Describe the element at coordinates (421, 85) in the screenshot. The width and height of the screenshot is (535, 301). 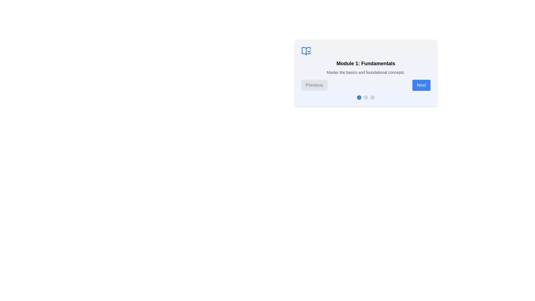
I see `the 'Next' button to navigate to the next module` at that location.